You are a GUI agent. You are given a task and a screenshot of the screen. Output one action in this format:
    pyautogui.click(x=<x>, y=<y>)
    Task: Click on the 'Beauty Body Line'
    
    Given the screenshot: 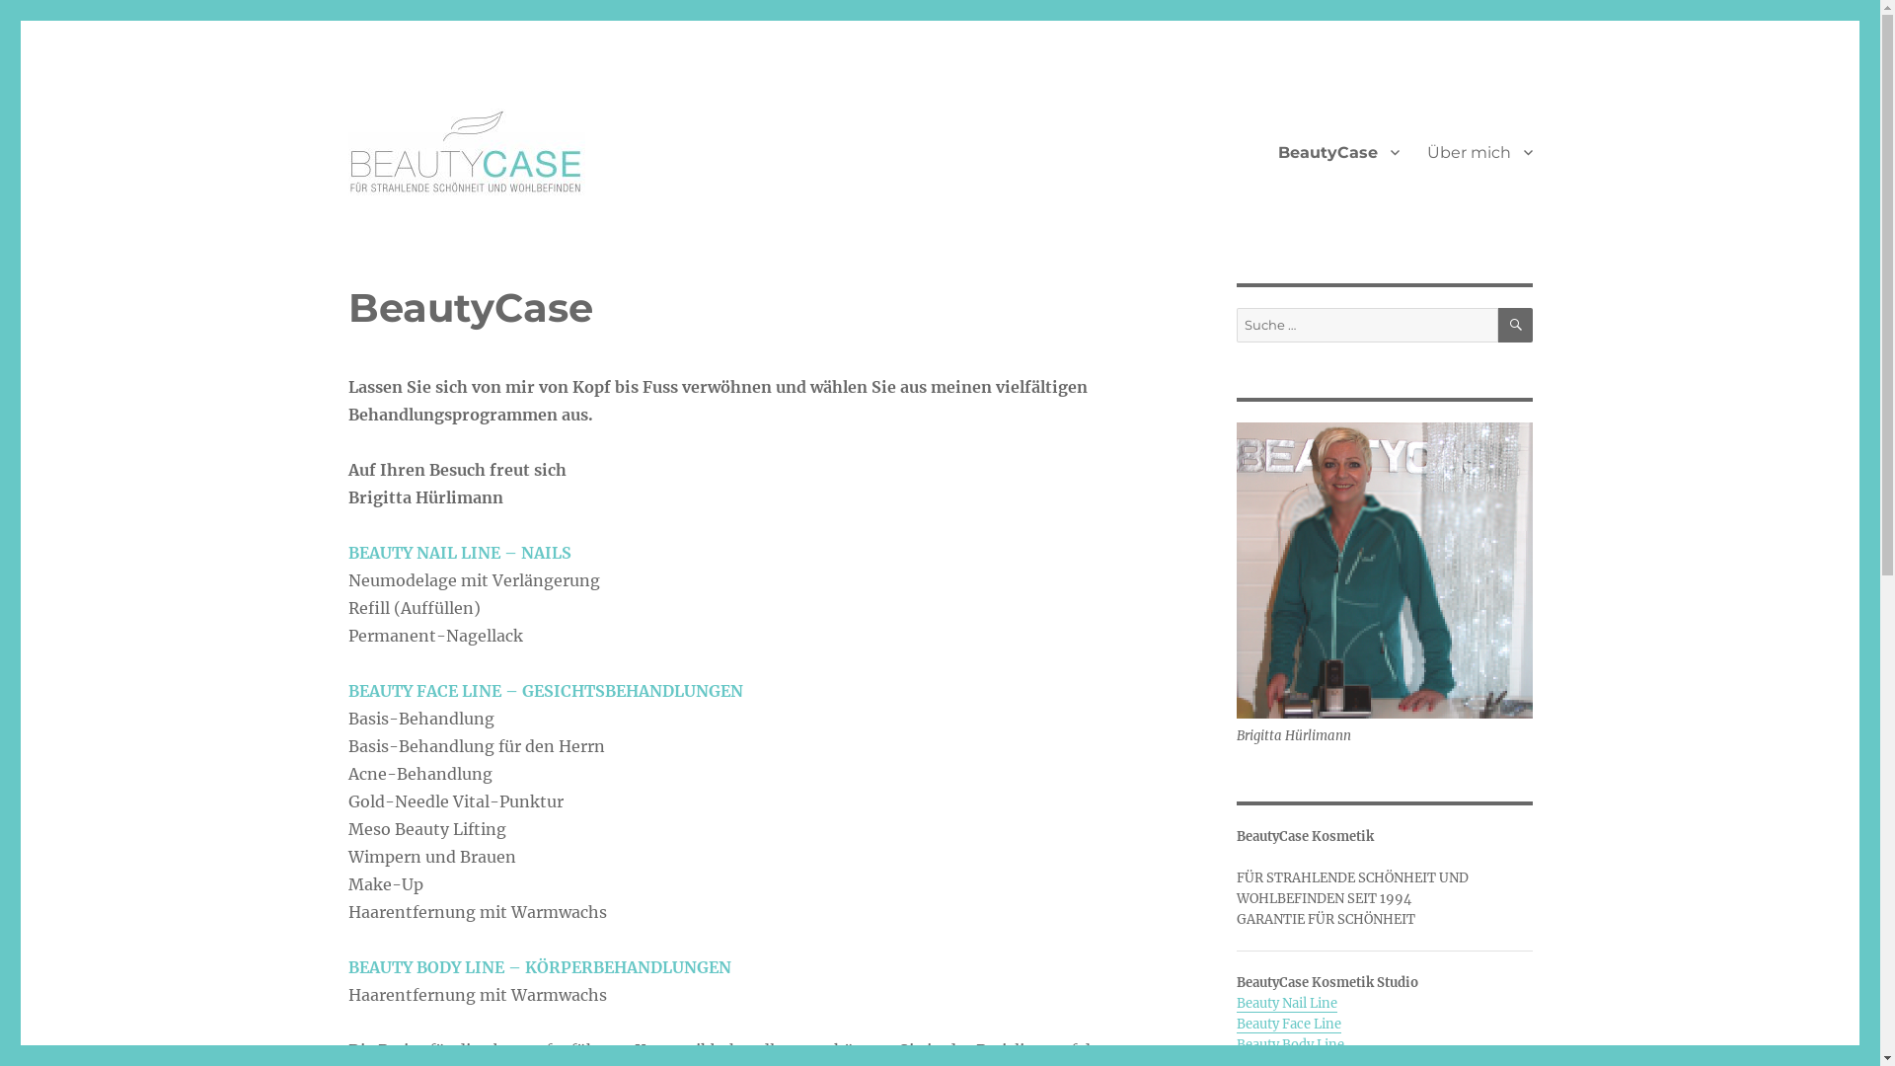 What is the action you would take?
    pyautogui.click(x=1235, y=1043)
    